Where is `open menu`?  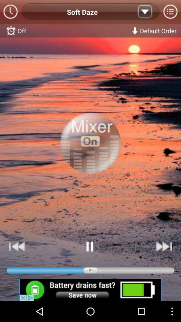
open menu is located at coordinates (170, 12).